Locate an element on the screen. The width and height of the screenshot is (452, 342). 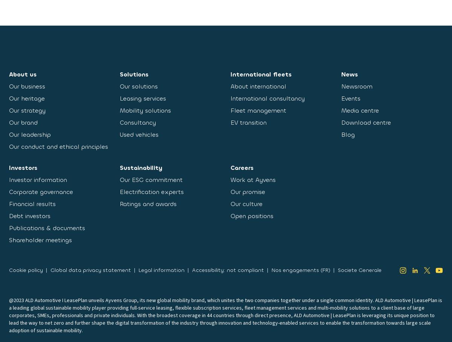
'@2023 ALD Automotive I LeasePlan unveils Ayvens Group, its new global mobility brand, which unites the two companies together under a single common identity. ALD Automotive | LeasePlan is a leading global sustainable mobility player providing full-service leasing, flexible subscription services, fleet management services and multi-mobility solutions to a client base of large corporates, SMEs, professionals and private individuals. With the broadest coverage in 44 countries through direct presence, ALD Automotive | LeasePlan is leveraging its unique position to lead the way to net zero and further shape the digital transformation of the industry through innovation and technology-enabled services to enable the transformation towards large scale adoption of sustainable mobility.' is located at coordinates (225, 315).